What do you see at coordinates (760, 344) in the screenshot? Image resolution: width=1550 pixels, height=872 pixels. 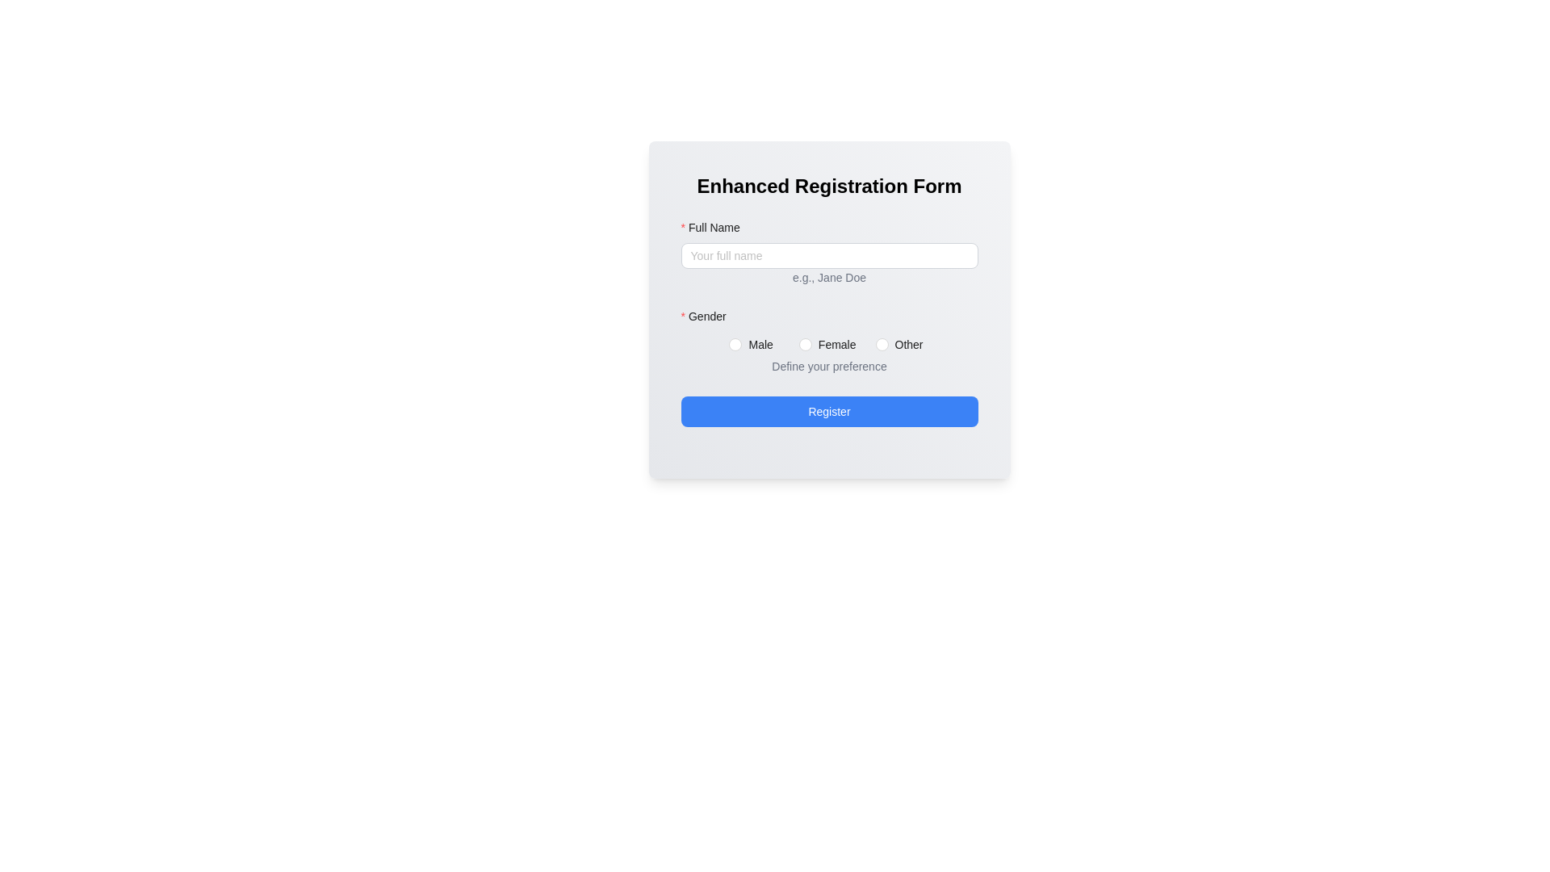 I see `the 'Male' label in the gender selection radio button group, which is positioned to the right of the 'Male' radio button and aligned with the labels for 'Female' and 'Other'` at bounding box center [760, 344].